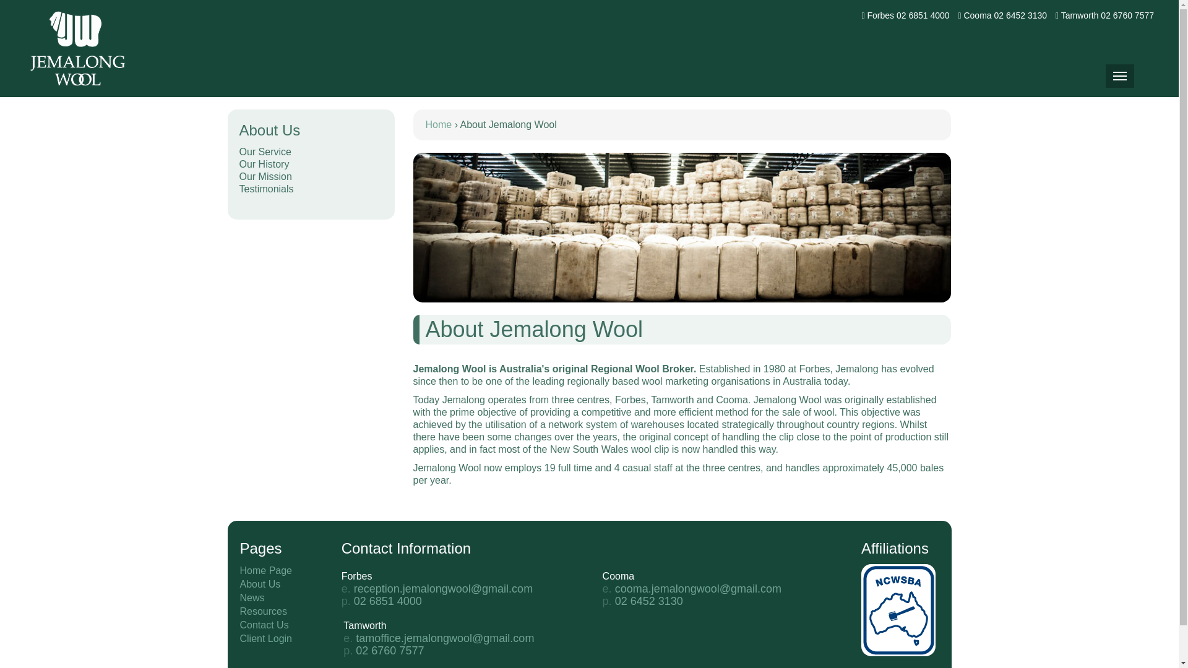 This screenshot has width=1188, height=668. What do you see at coordinates (238, 164) in the screenshot?
I see `'Our History'` at bounding box center [238, 164].